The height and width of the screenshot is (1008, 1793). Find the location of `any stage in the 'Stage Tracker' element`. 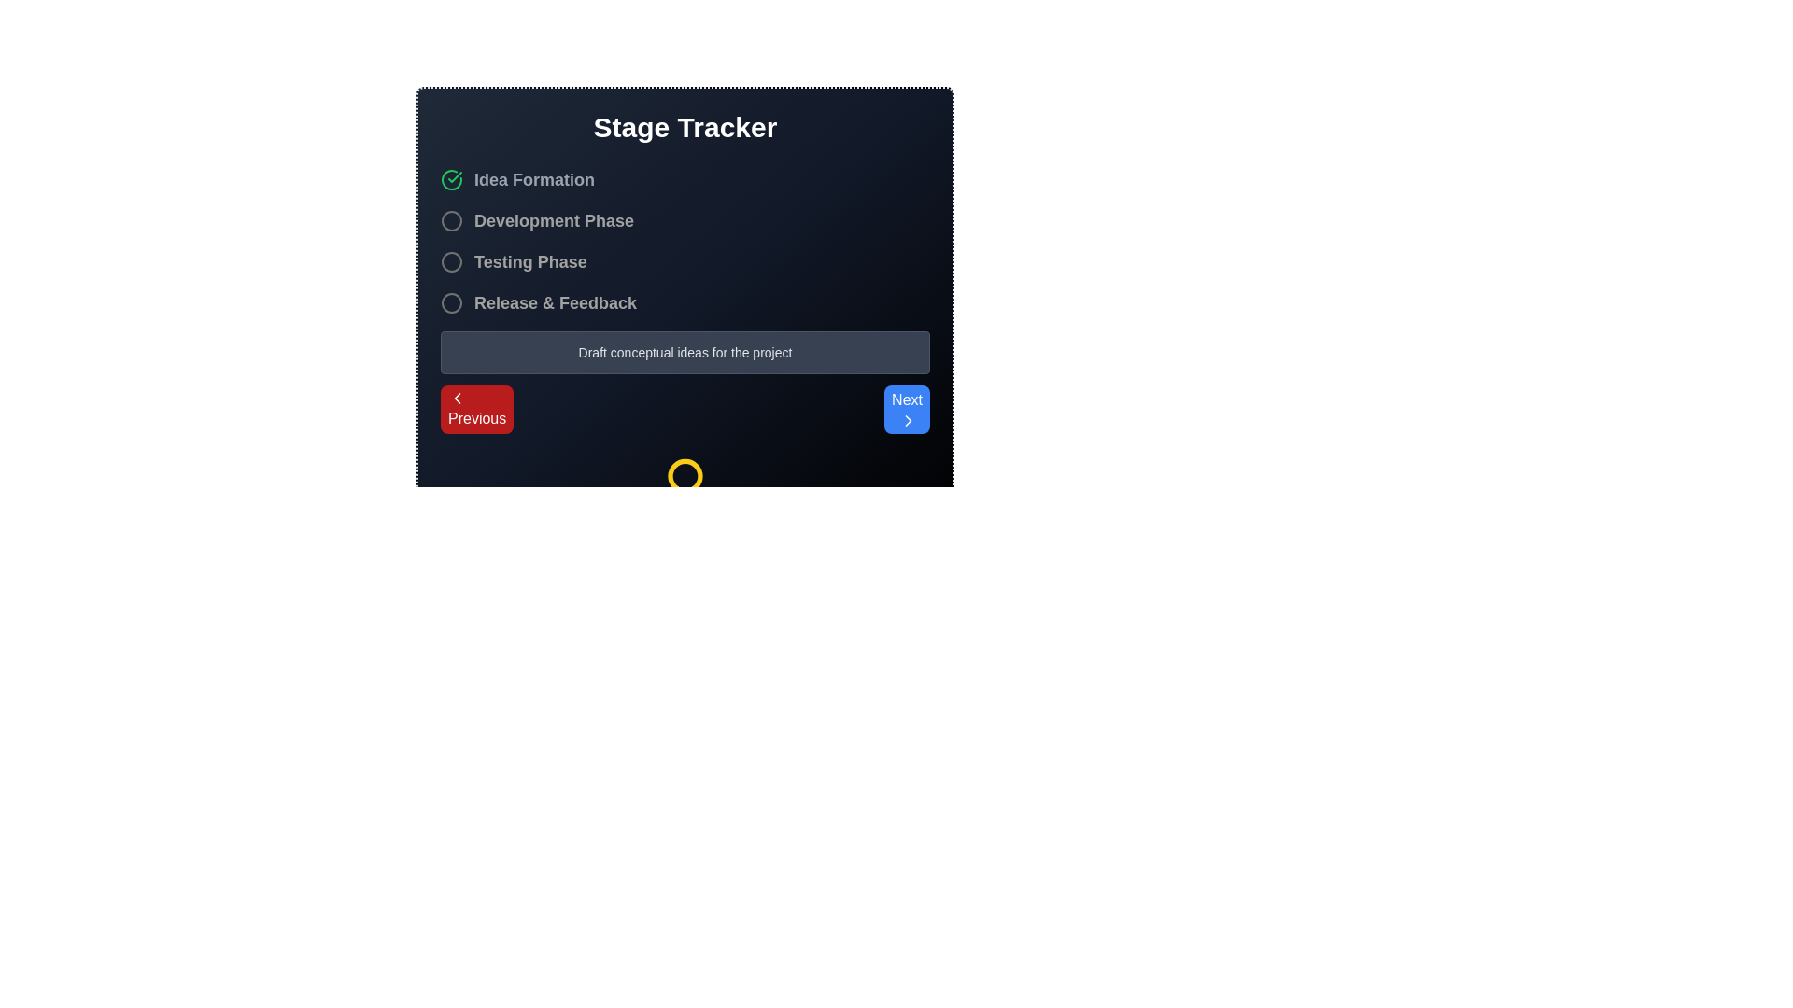

any stage in the 'Stage Tracker' element is located at coordinates (685, 312).